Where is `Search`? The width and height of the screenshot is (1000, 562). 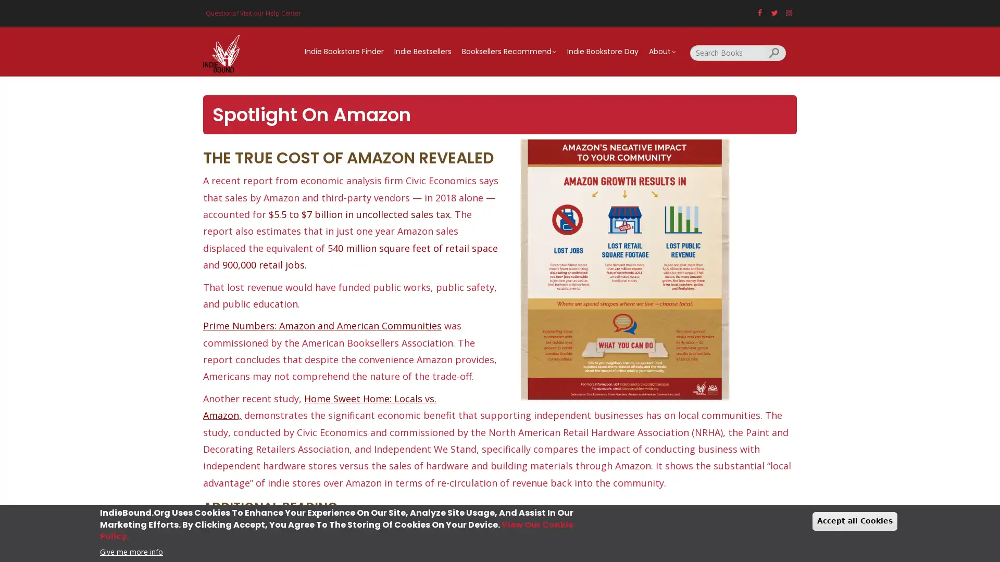 Search is located at coordinates (775, 52).